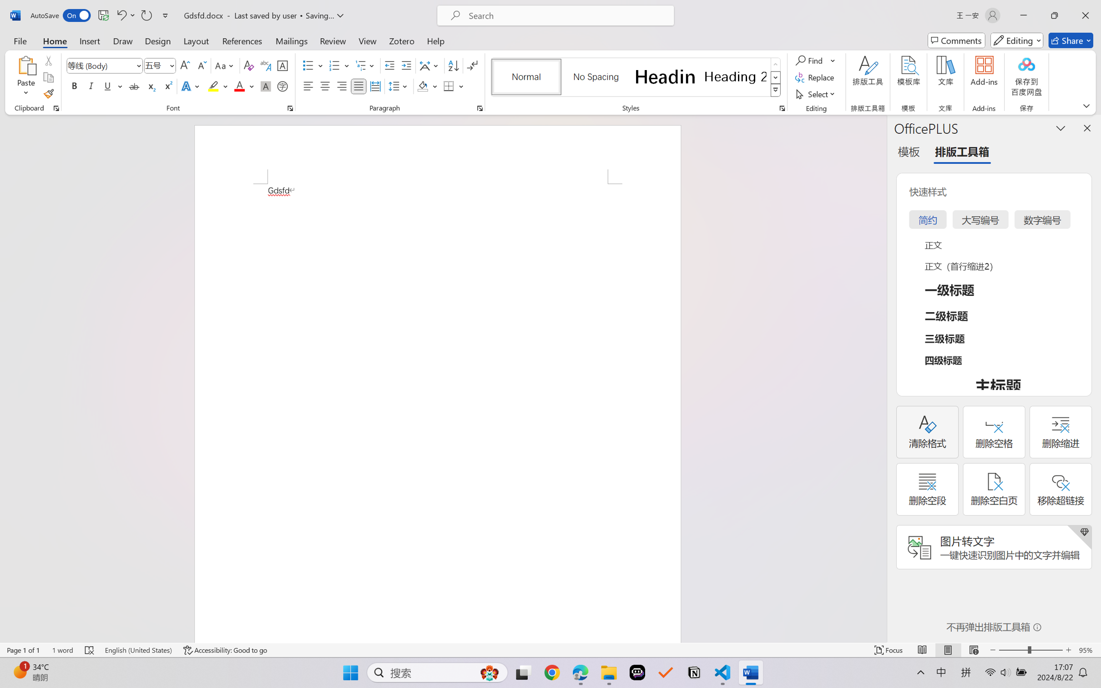 Image resolution: width=1101 pixels, height=688 pixels. What do you see at coordinates (881, 378) in the screenshot?
I see `'Class: NetUIScrollBar'` at bounding box center [881, 378].